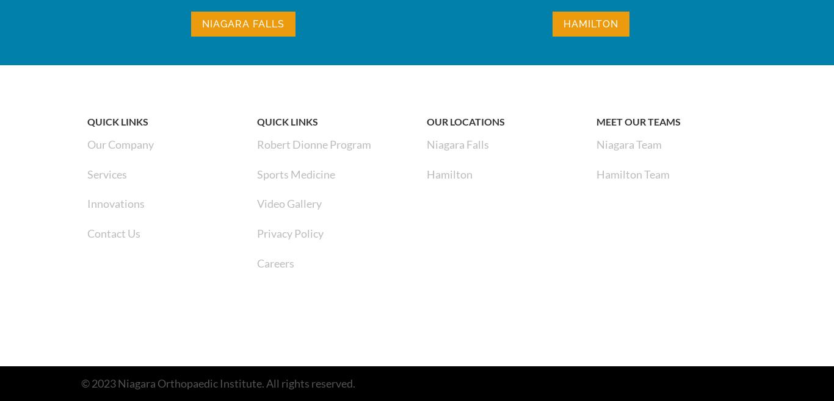  What do you see at coordinates (217, 383) in the screenshot?
I see `'© 2023 Niagara Orthopaedic Institute. All rights reserved.'` at bounding box center [217, 383].